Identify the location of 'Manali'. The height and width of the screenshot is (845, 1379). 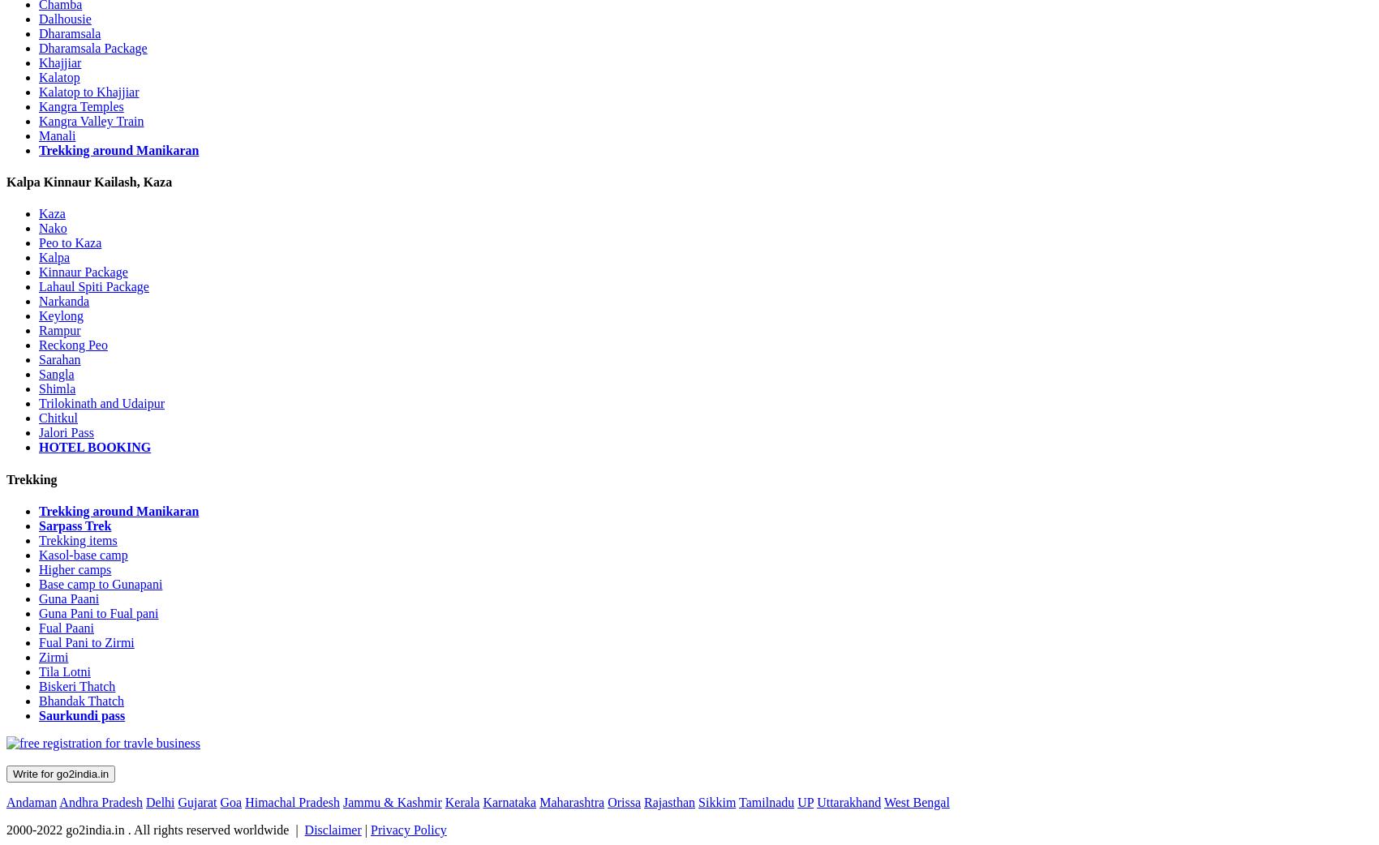
(38, 135).